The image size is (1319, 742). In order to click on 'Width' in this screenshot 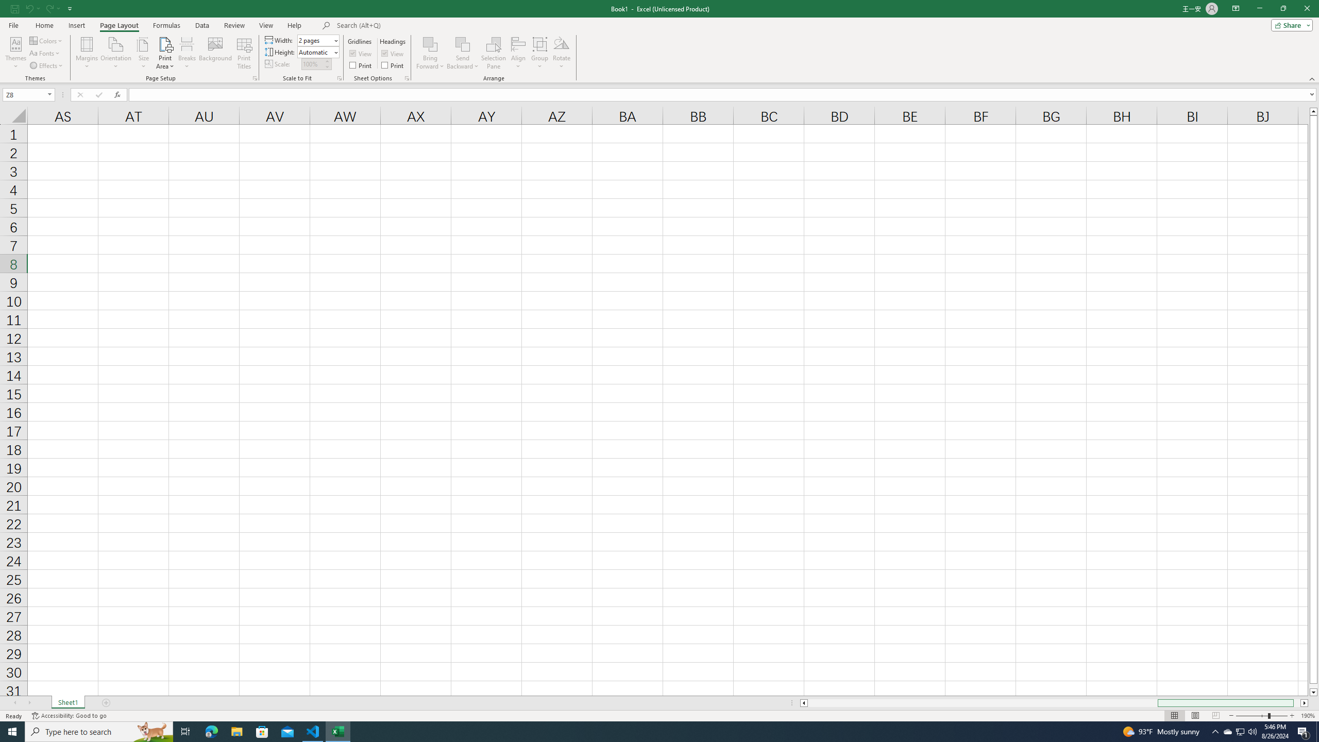, I will do `click(317, 40)`.